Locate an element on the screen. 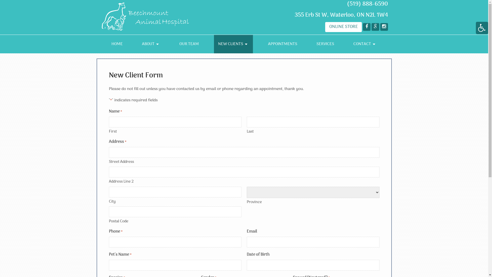 Image resolution: width=492 pixels, height=277 pixels. 'APPOINTMENTS' is located at coordinates (282, 44).